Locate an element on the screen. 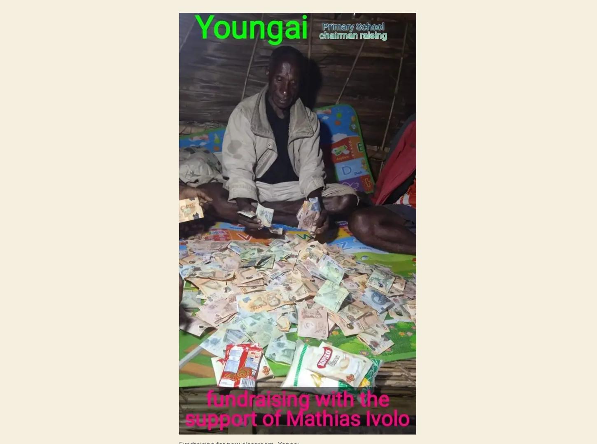 The height and width of the screenshot is (444, 597). 'Website Built with WordPress.com' is located at coordinates (238, 389).